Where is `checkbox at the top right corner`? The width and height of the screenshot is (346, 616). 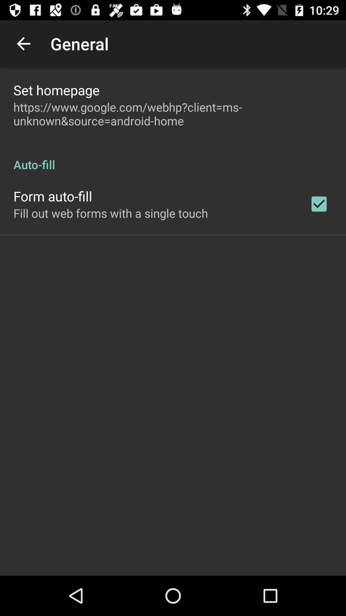
checkbox at the top right corner is located at coordinates (319, 203).